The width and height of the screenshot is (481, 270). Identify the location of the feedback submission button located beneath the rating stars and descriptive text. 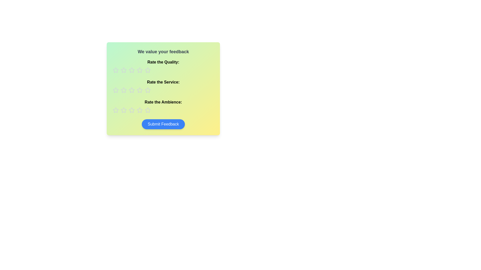
(163, 124).